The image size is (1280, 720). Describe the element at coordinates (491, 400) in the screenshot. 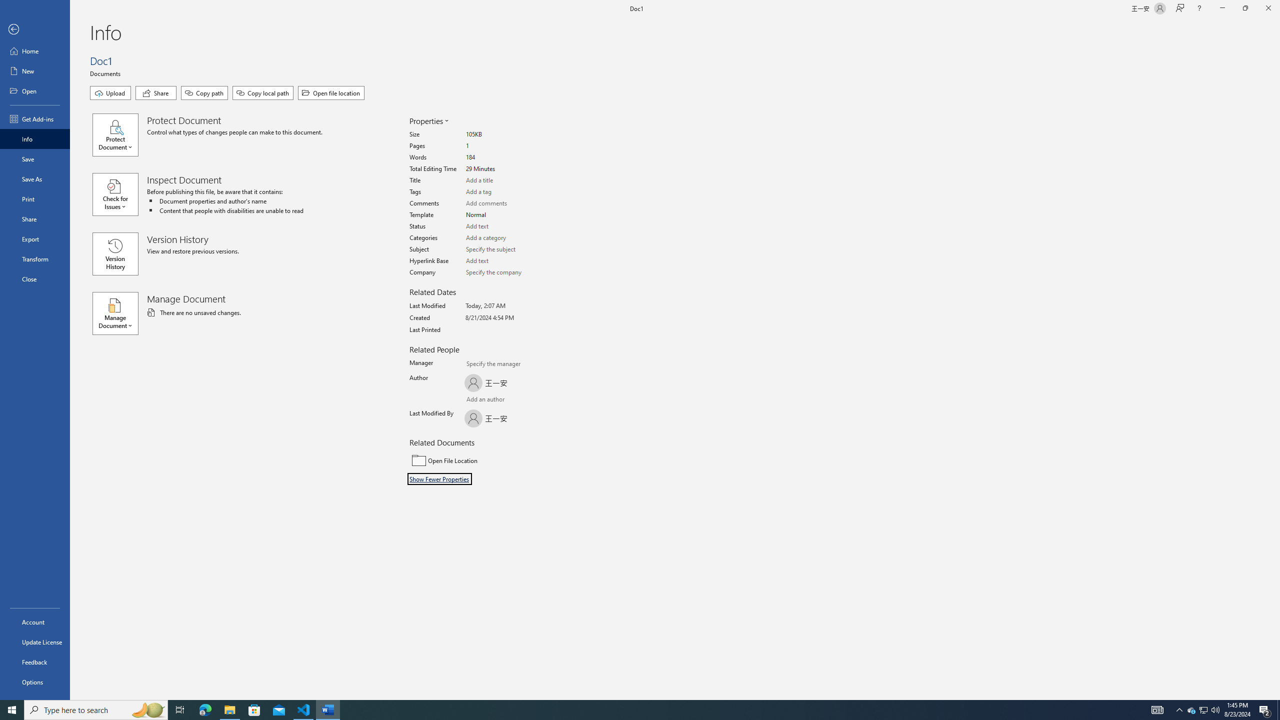

I see `'Verify Names'` at that location.